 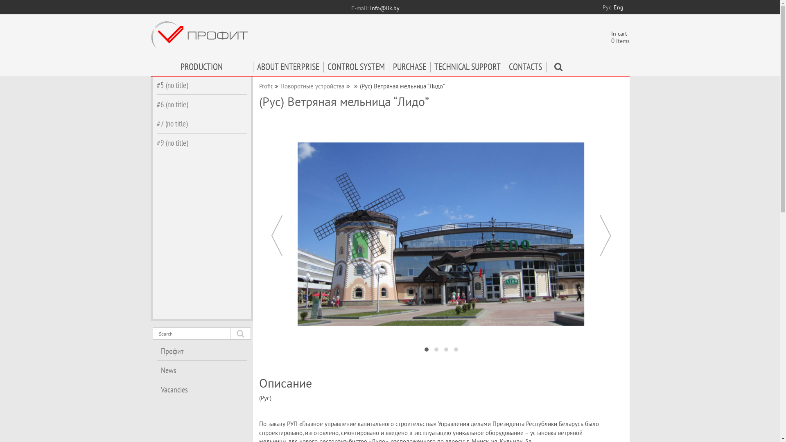 I want to click on 'News', so click(x=201, y=370).